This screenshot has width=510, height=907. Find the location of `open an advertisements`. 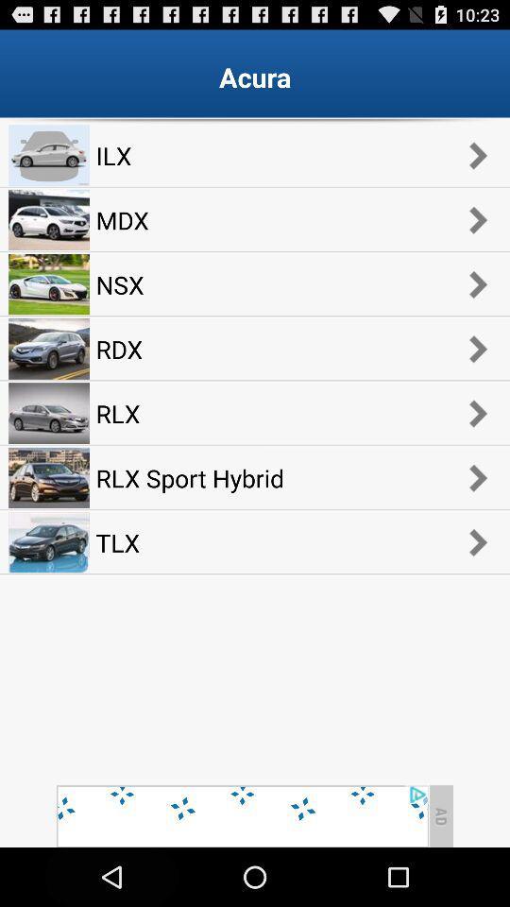

open an advertisements is located at coordinates (242, 815).